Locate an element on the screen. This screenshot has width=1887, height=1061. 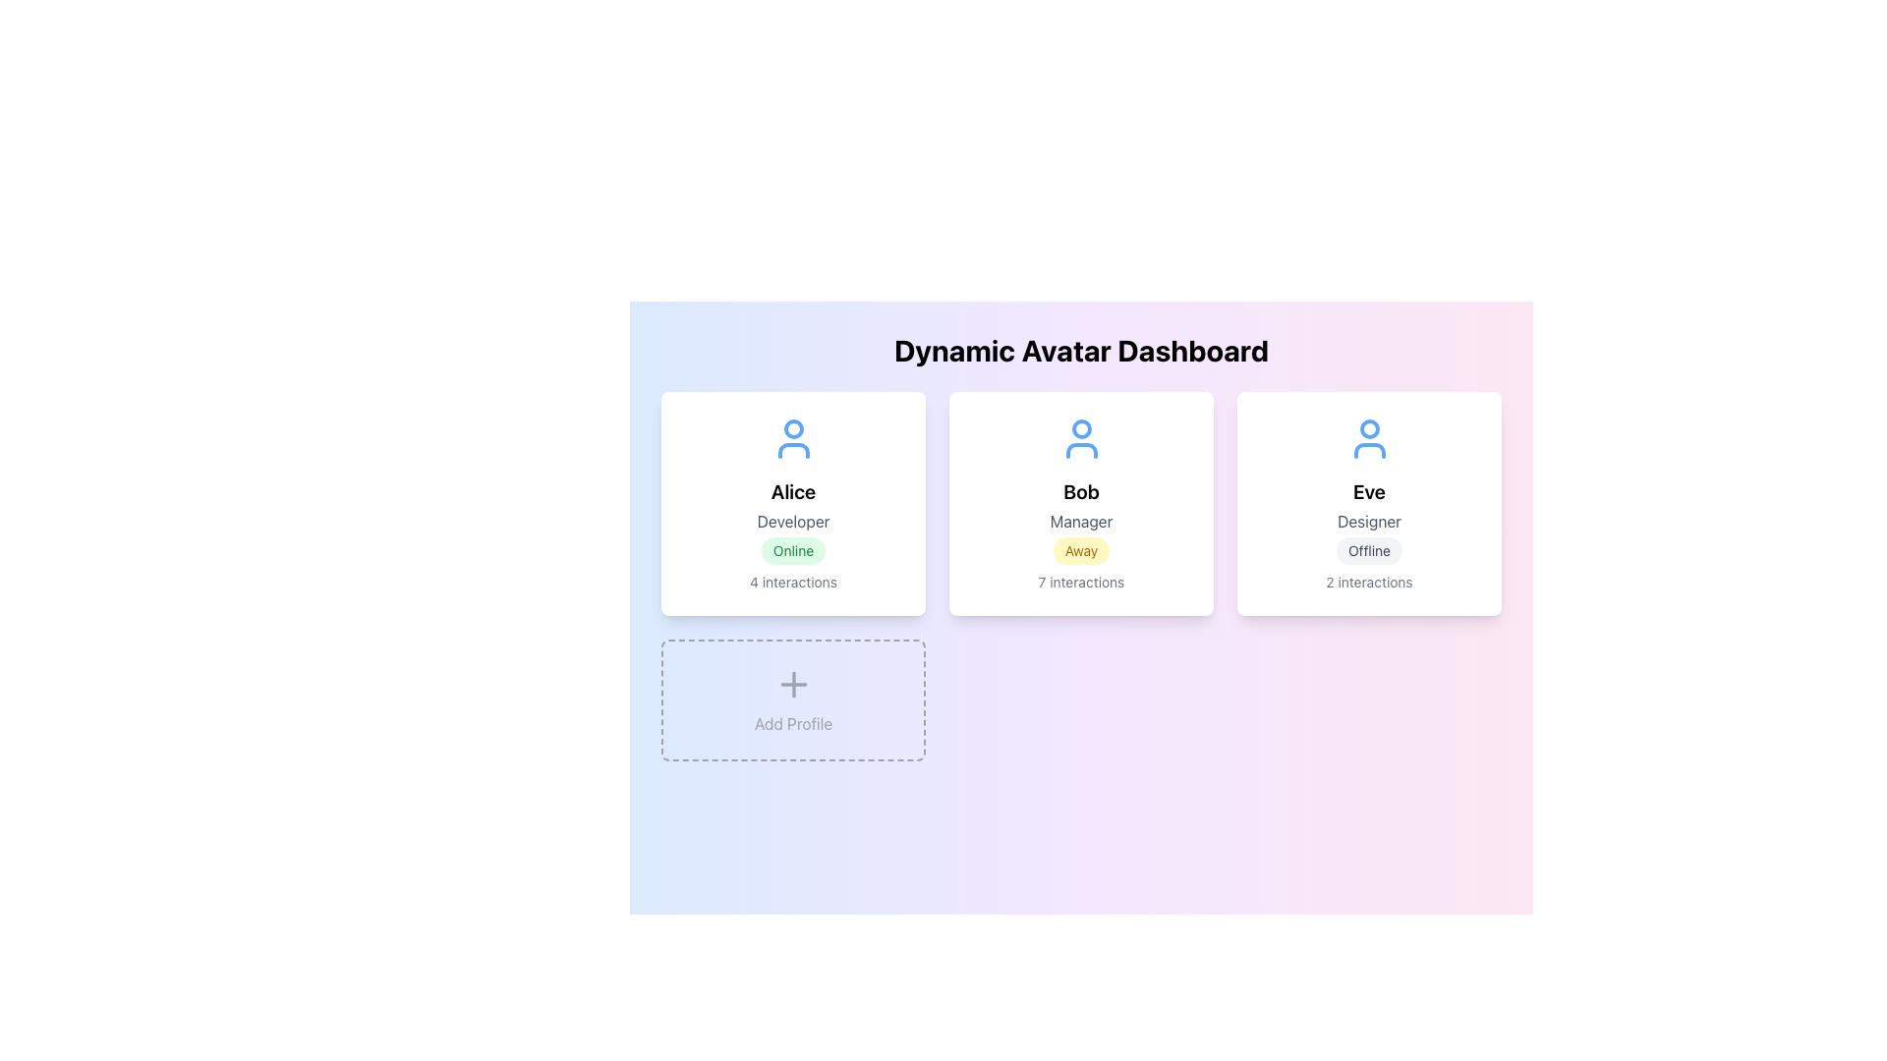
the text element that reads 'Developer', which is styled in gray and located below 'Alice' and above the status label 'Online' within the top left card of the grid layout in the main dashboard view is located at coordinates (793, 521).